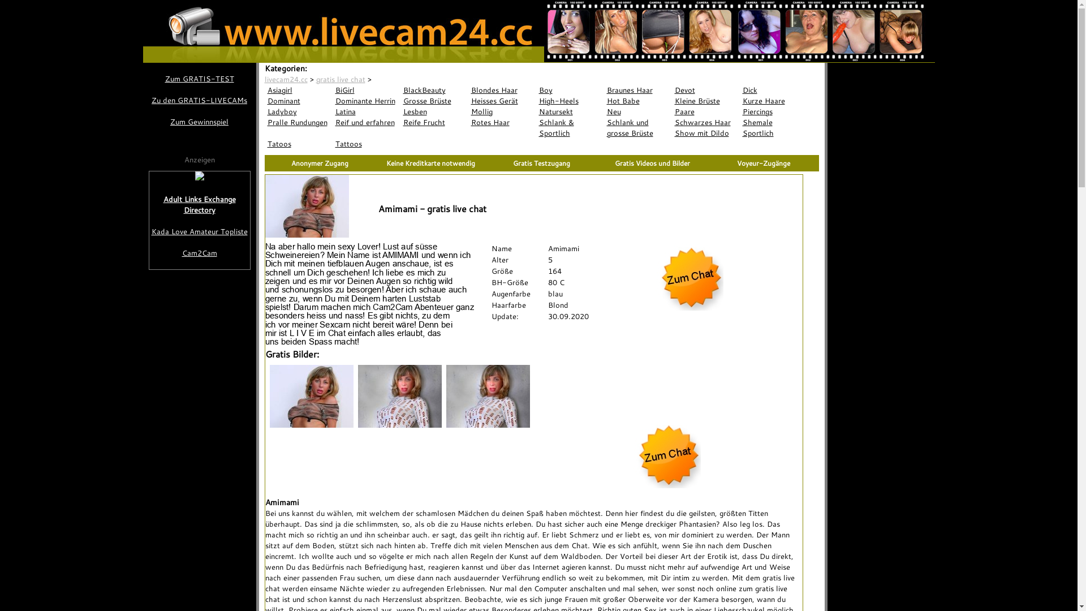 The height and width of the screenshot is (611, 1086). Describe the element at coordinates (367, 143) in the screenshot. I see `'Tattoos'` at that location.